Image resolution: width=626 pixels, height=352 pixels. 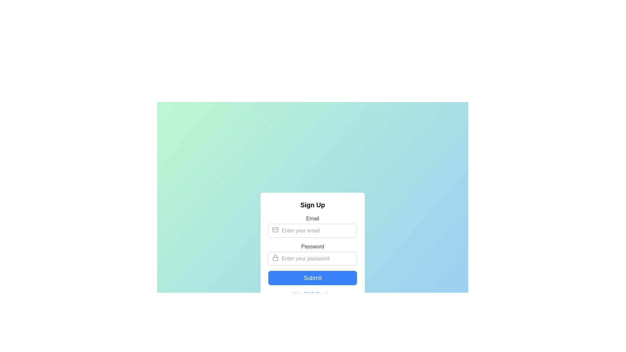 I want to click on the center of the email input field, which is a rectangular box with rounded corners and a thin gray border, located beneath the 'Email' label, so click(x=312, y=230).